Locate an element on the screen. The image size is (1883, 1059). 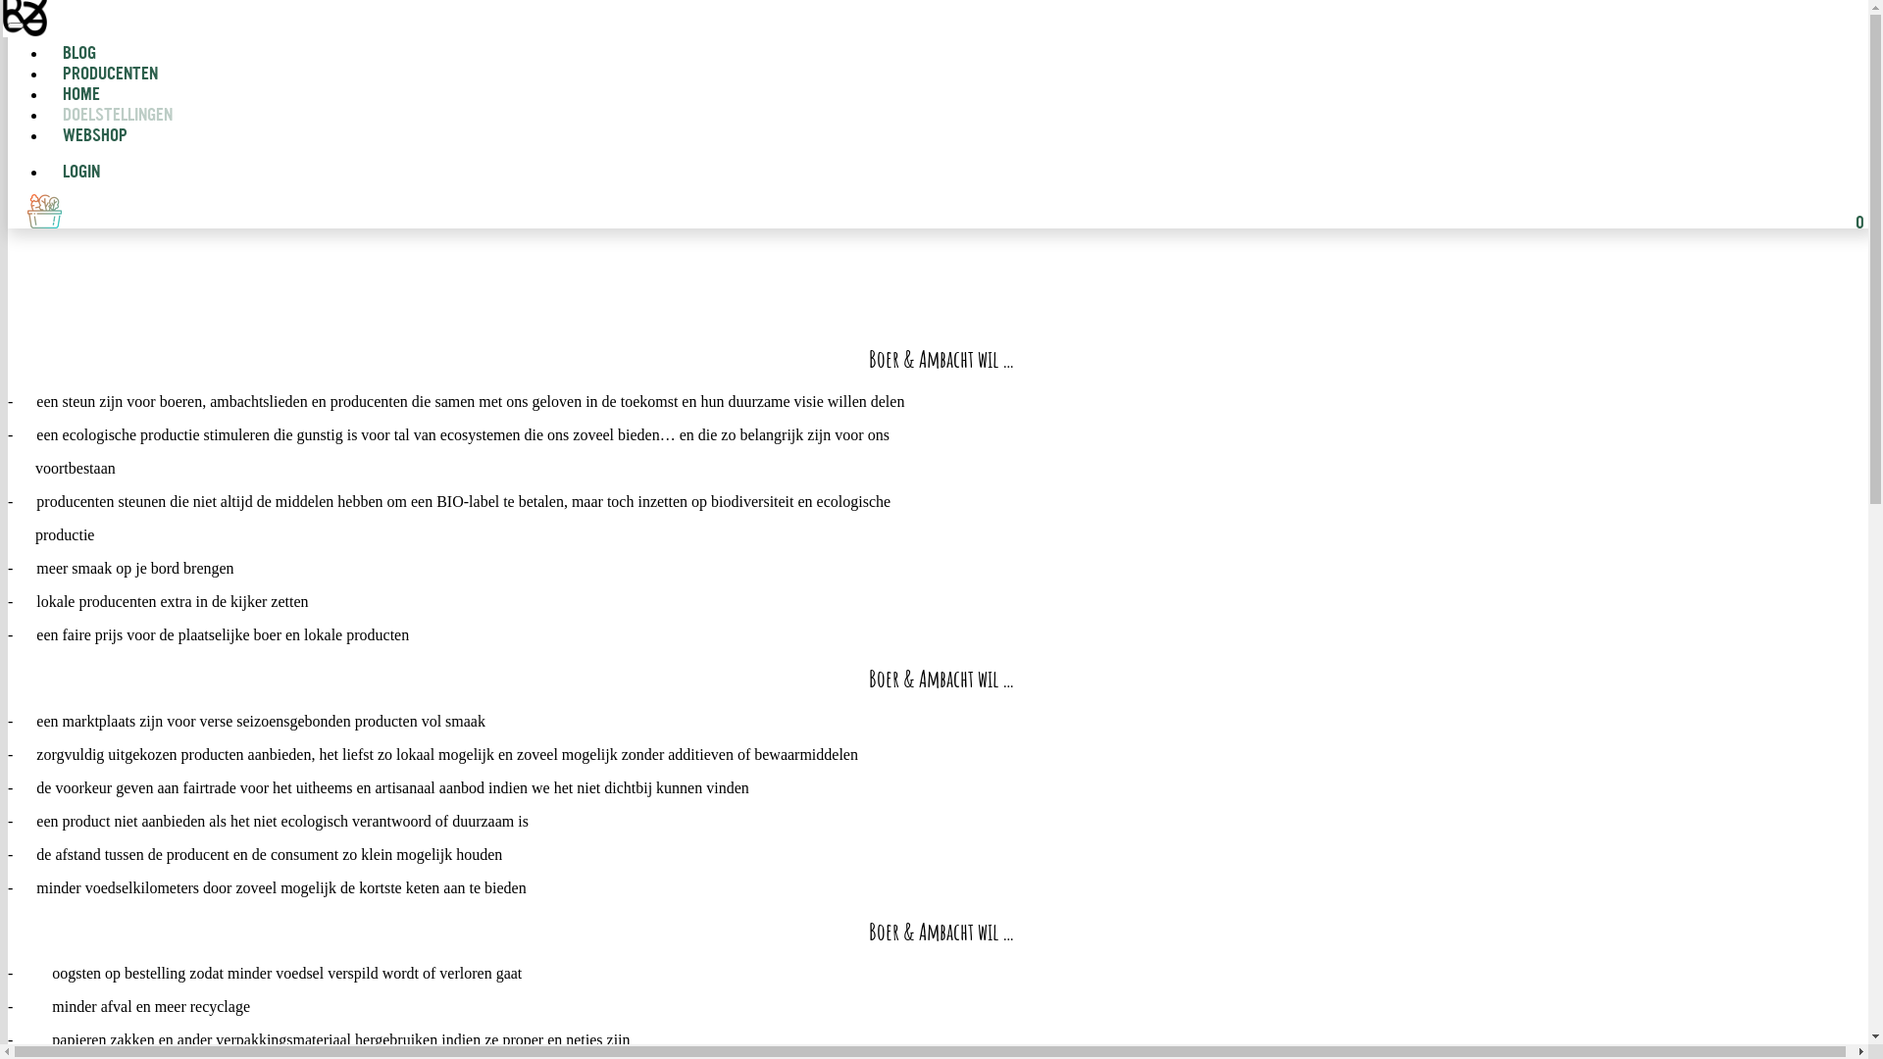
'Winkelmand' is located at coordinates (27, 211).